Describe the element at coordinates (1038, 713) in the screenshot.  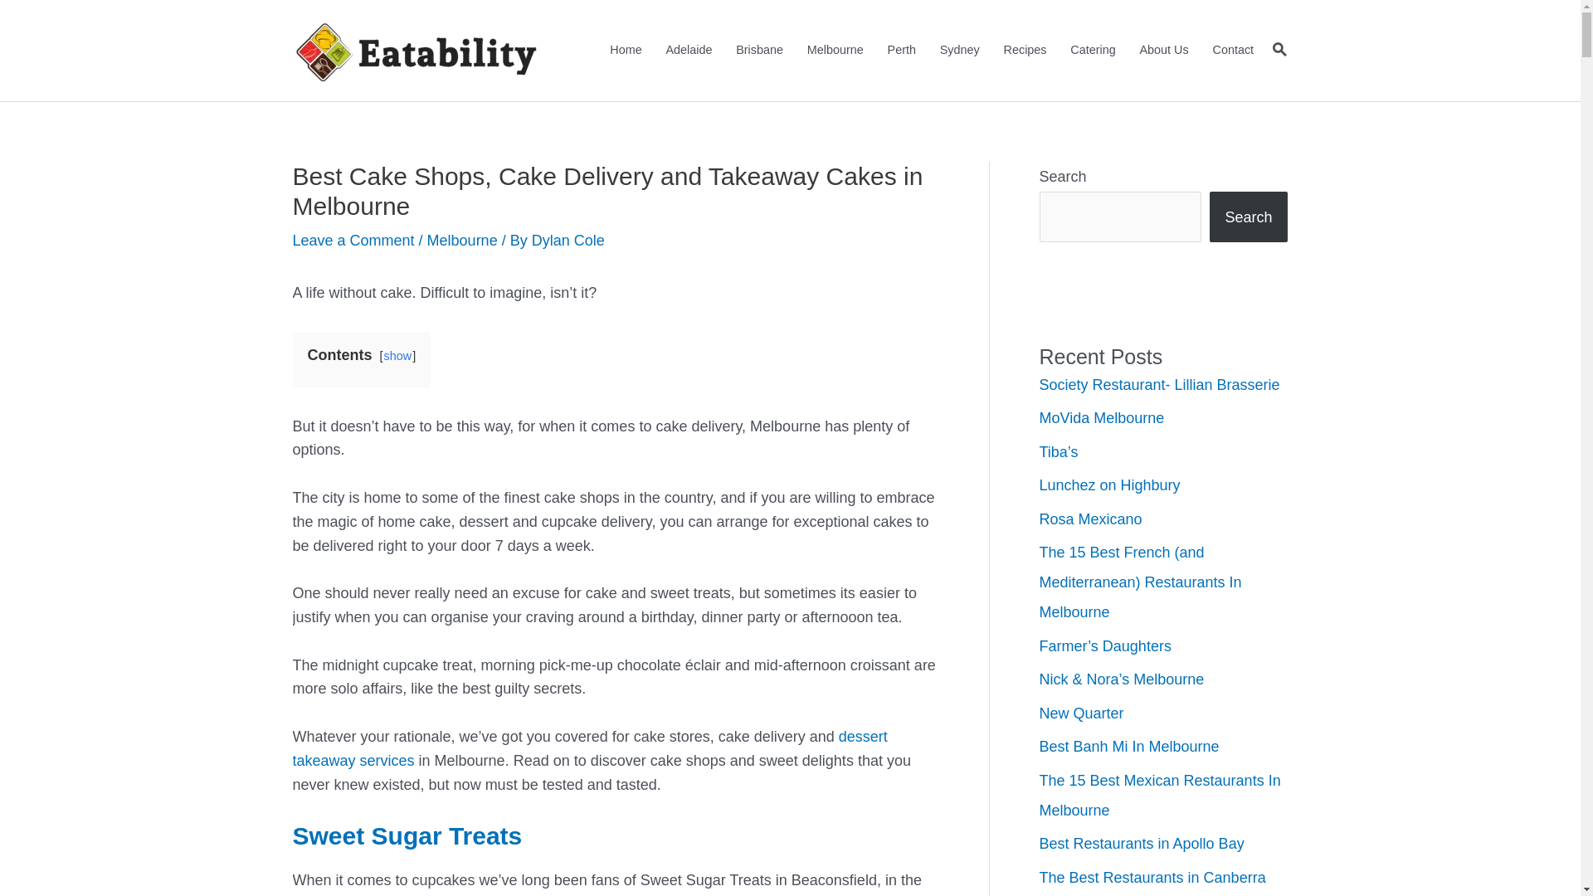
I see `'New Quarter'` at that location.